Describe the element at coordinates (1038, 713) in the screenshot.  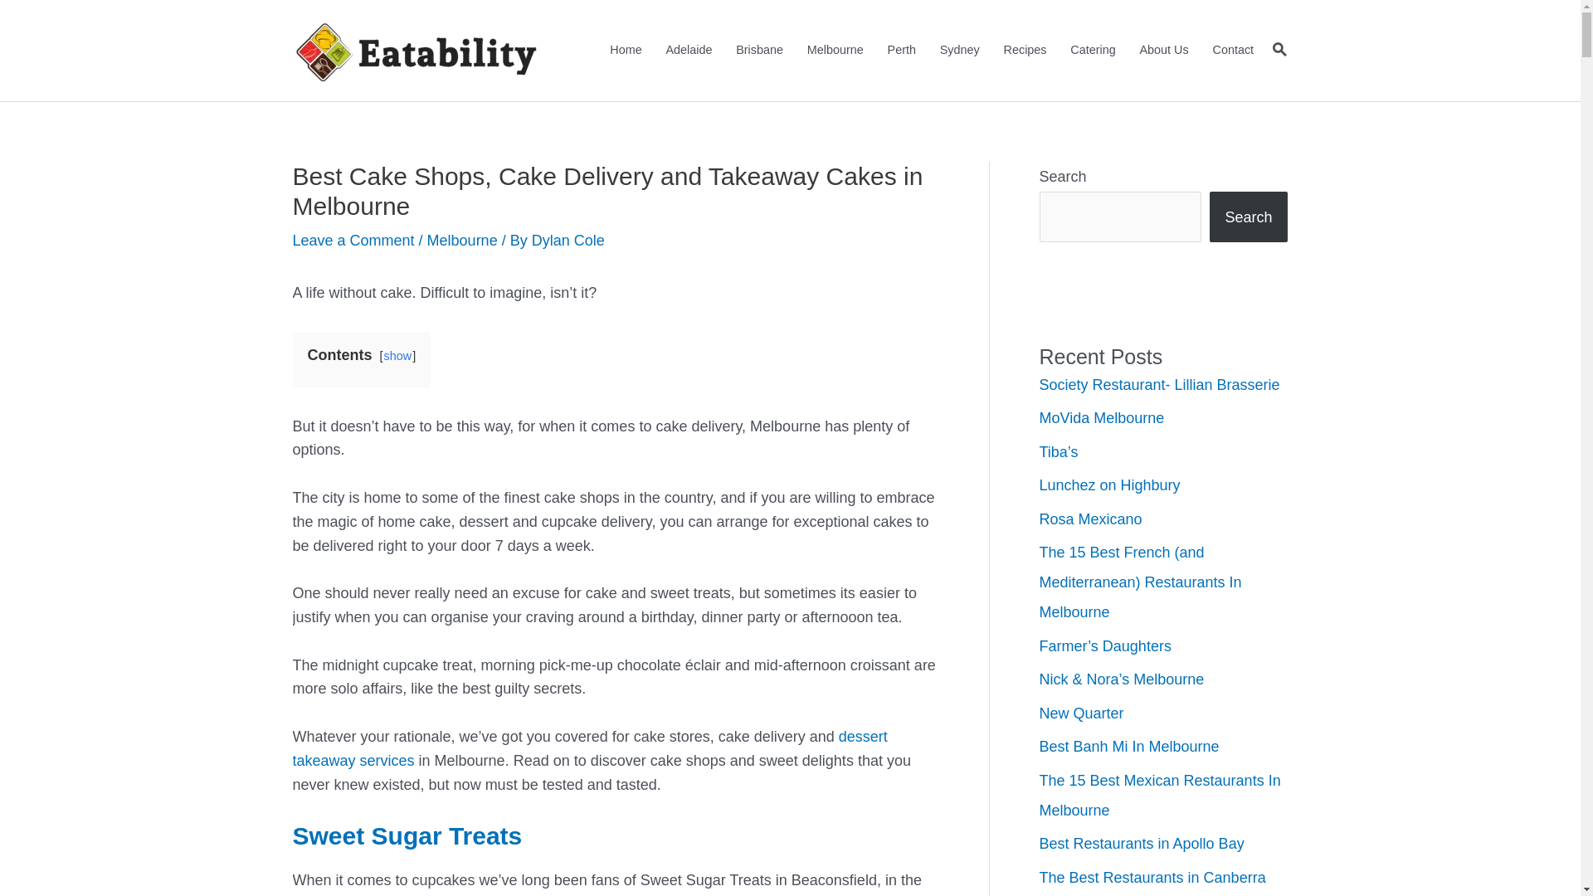
I see `'New Quarter'` at that location.